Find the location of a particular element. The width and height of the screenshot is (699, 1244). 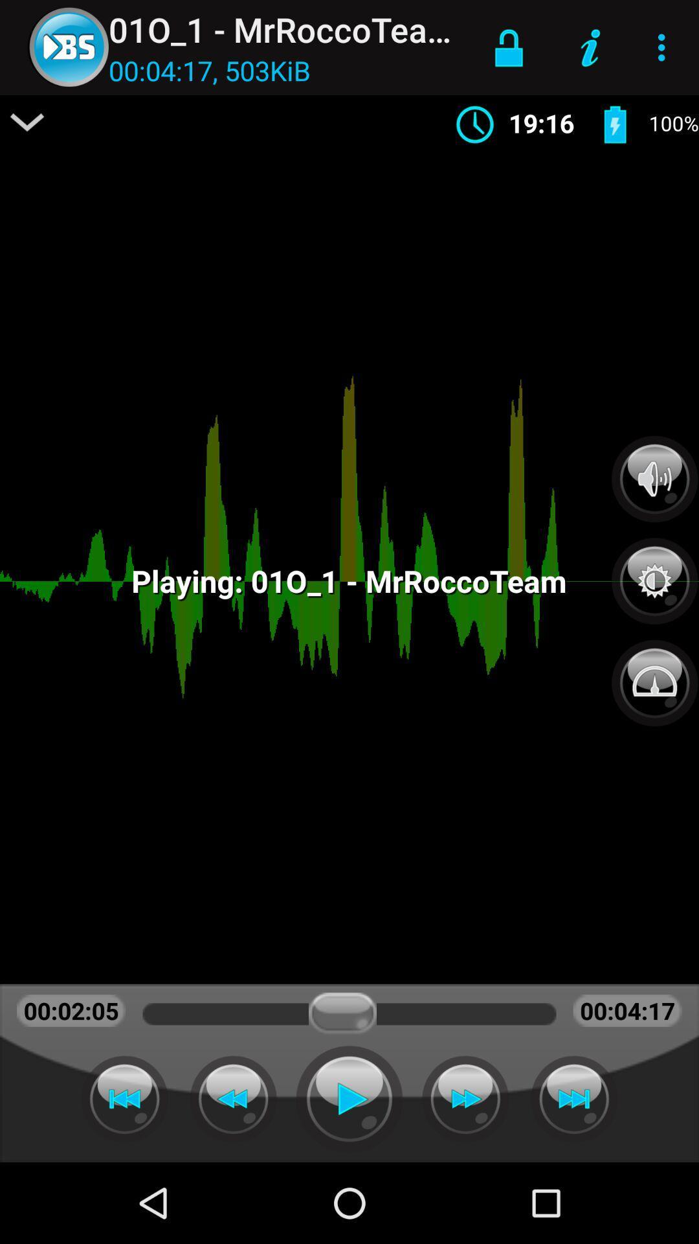

this app is able to play any video and have multiple options like play or share is located at coordinates (349, 1098).